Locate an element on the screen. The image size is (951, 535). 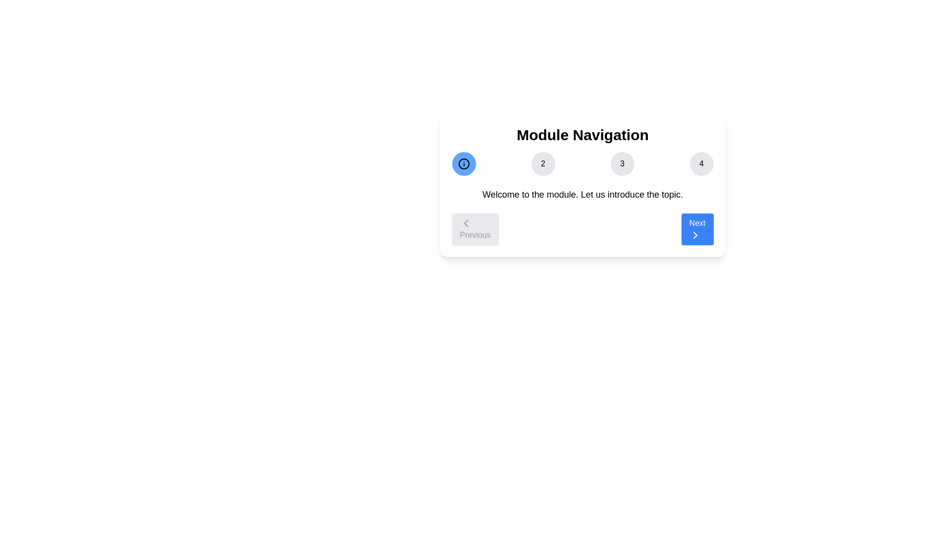
the description text of the current step is located at coordinates (582, 195).